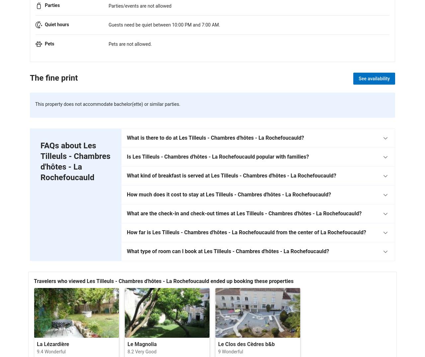 The width and height of the screenshot is (425, 357). I want to click on 'Travelers who viewed Les Tilleuls - Chambres d'hôtes - La Rochefoucauld ended up booking these properties', so click(164, 280).